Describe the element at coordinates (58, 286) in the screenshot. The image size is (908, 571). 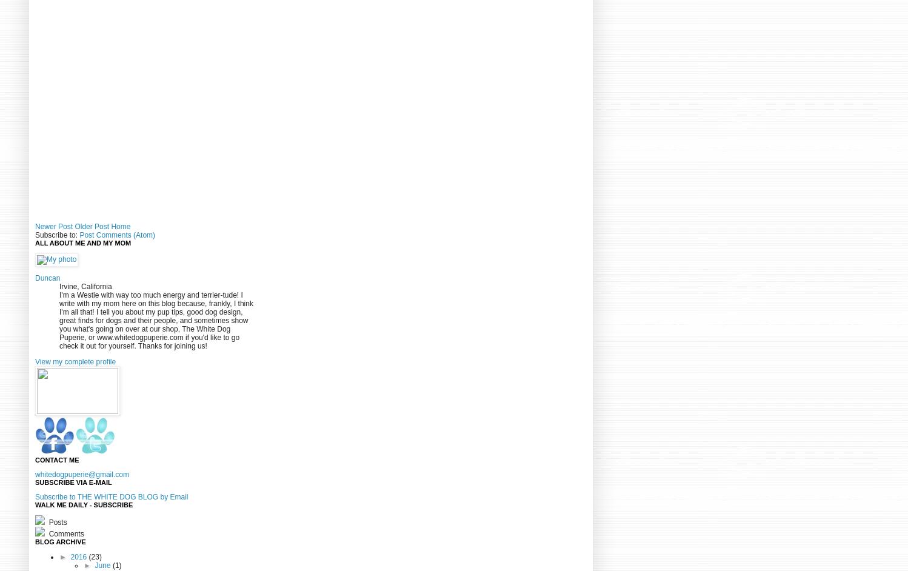
I see `'Irvine, California'` at that location.